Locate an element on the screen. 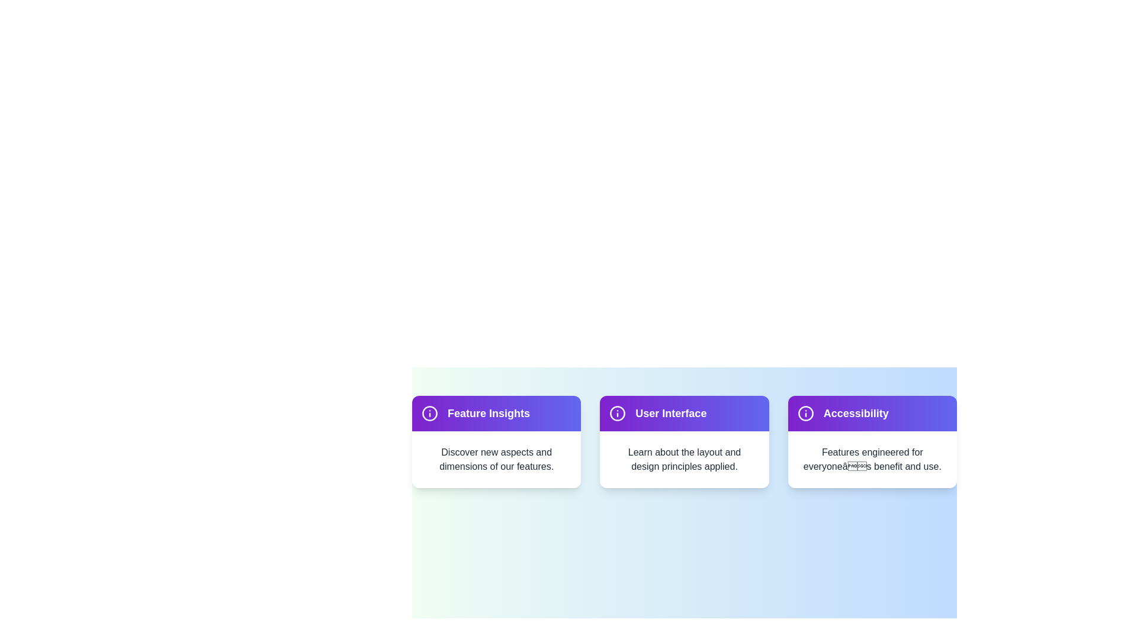 The height and width of the screenshot is (639, 1137). the first card in the row of three cards, which provides an overview of feature insights and highlights the feature's importance is located at coordinates (496, 442).